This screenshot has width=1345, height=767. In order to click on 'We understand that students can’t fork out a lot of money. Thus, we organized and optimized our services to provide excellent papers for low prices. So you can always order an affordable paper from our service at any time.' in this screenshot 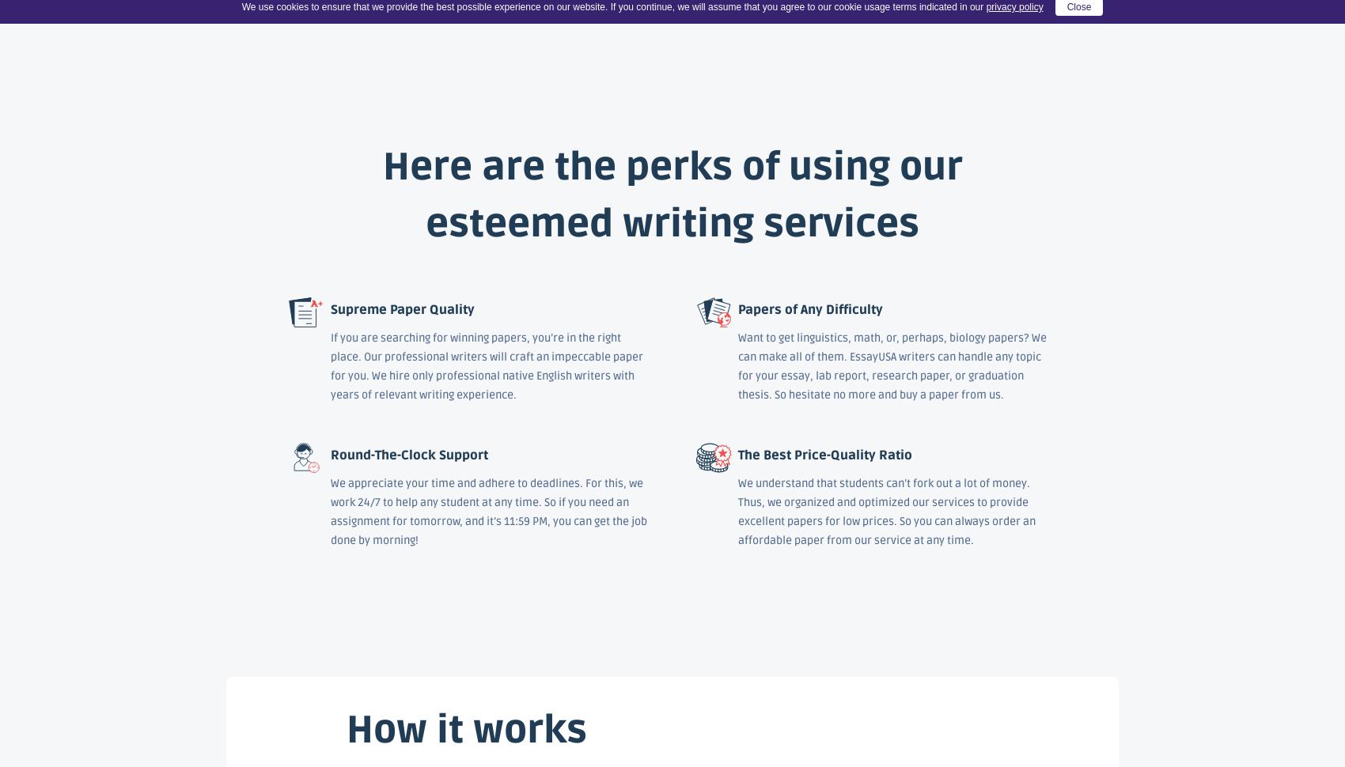, I will do `click(886, 511)`.